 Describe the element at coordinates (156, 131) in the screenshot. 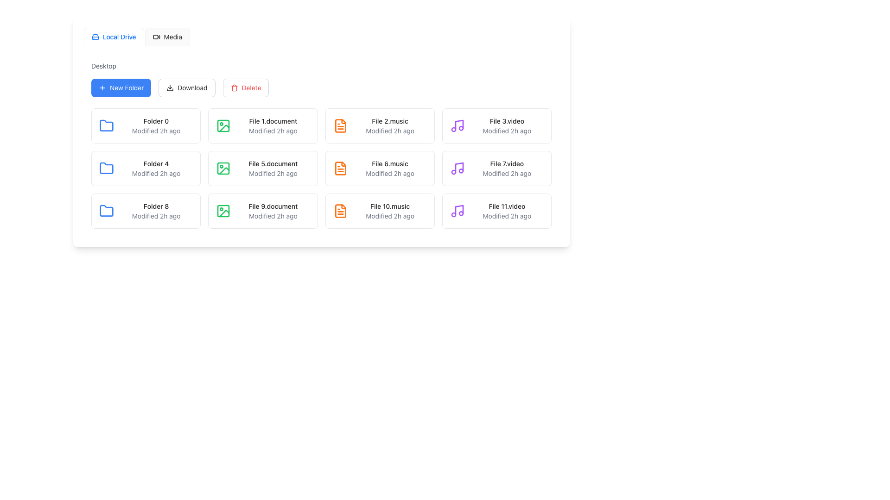

I see `the text label stating 'Modified 2h ago', which is styled in small gray font and located directly below 'Folder 0' in the file manager layout` at that location.